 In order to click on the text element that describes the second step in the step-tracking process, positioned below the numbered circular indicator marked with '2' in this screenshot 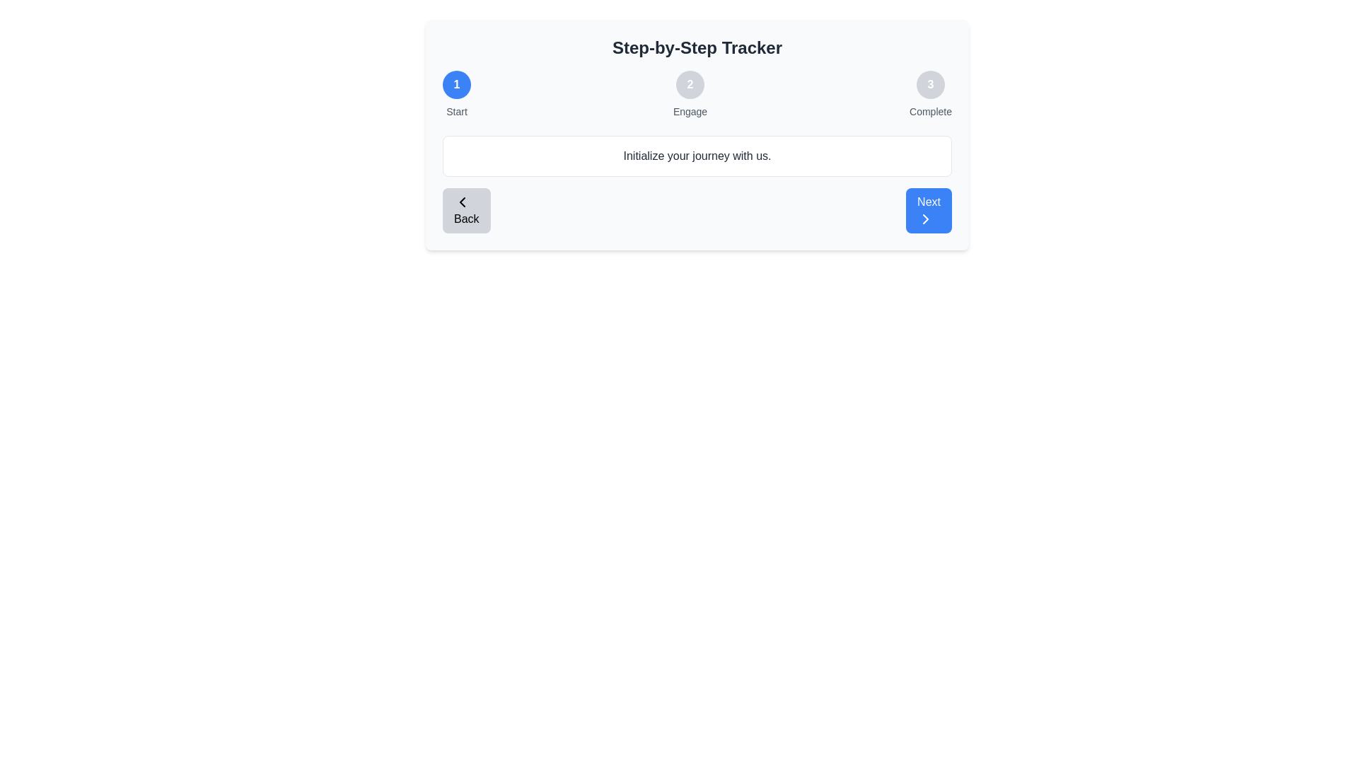, I will do `click(690, 111)`.